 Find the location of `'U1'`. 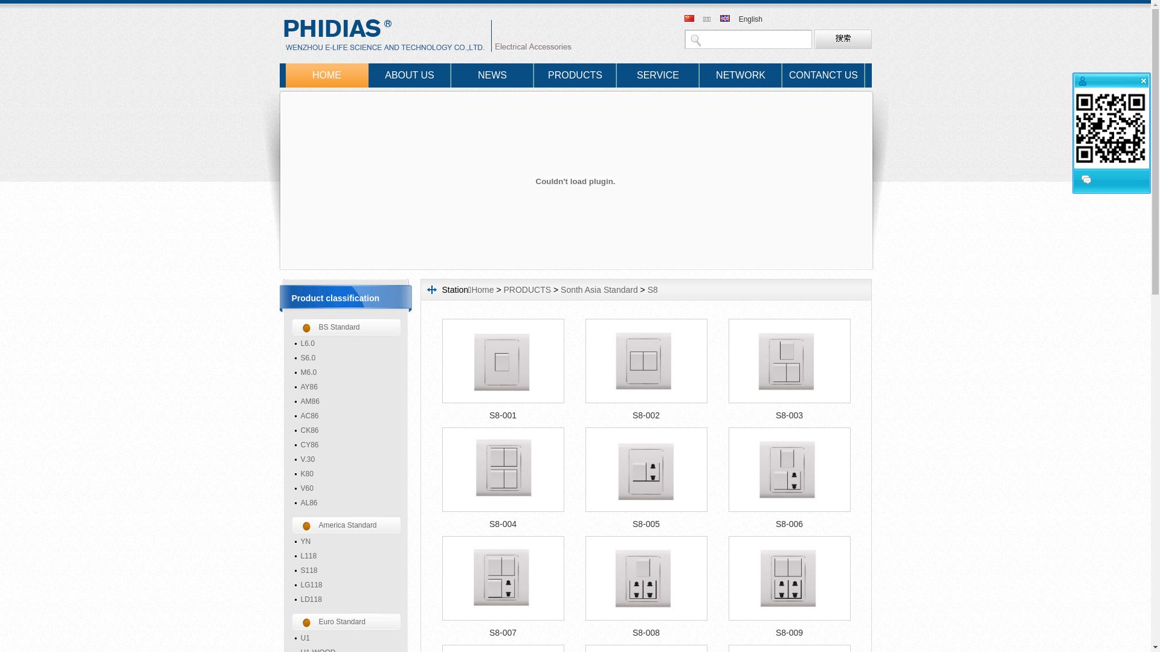

'U1' is located at coordinates (346, 637).